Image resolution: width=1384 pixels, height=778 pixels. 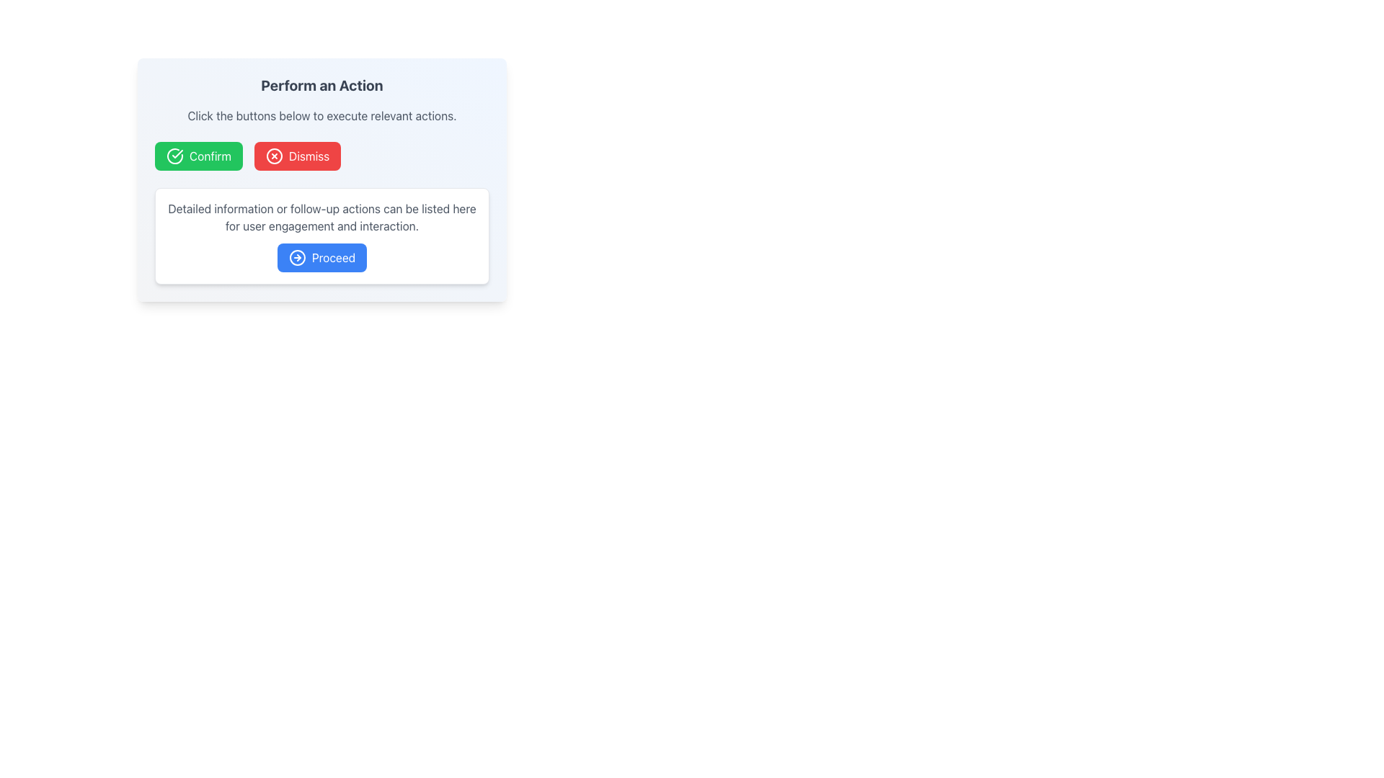 I want to click on the green 'Confirm' button with a white checkmark icon and the text 'Confirm', so click(x=198, y=156).